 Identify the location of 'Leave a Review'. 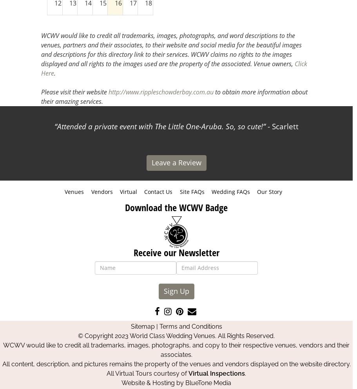
(176, 162).